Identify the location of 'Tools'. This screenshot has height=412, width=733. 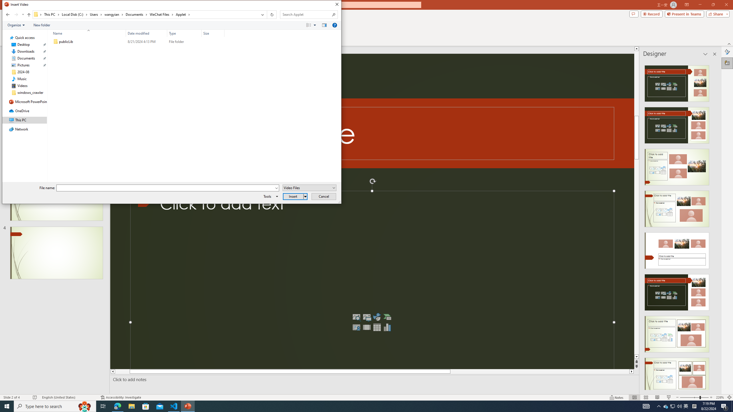
(269, 196).